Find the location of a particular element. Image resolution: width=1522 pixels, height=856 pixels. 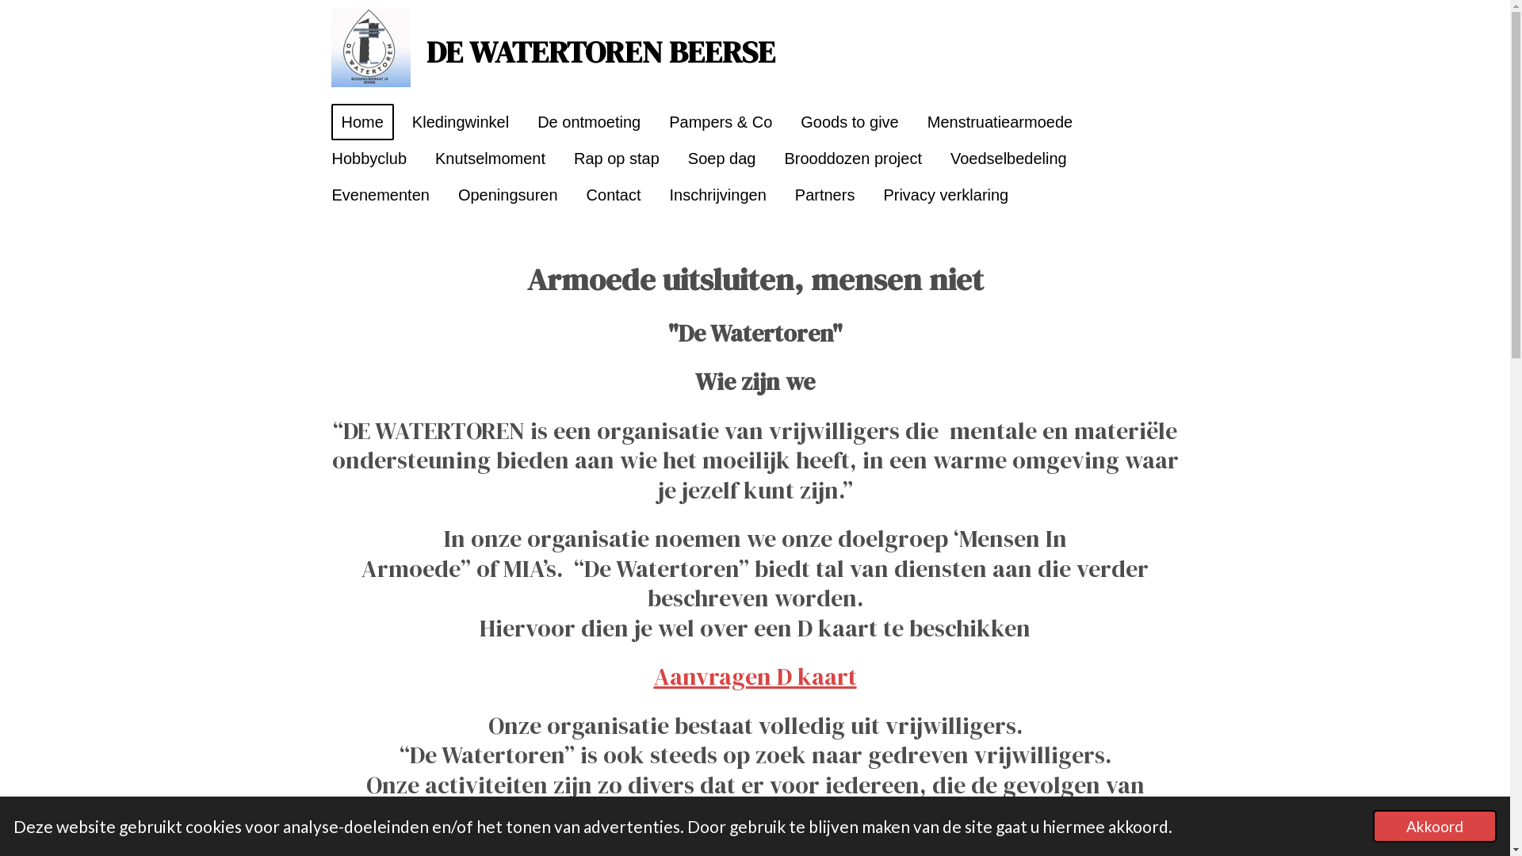

'Hobbyclub' is located at coordinates (369, 159).